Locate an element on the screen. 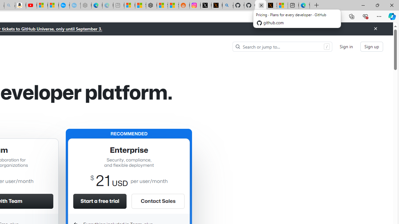 Image resolution: width=399 pixels, height=224 pixels. 'Contact Sales' is located at coordinates (158, 201).